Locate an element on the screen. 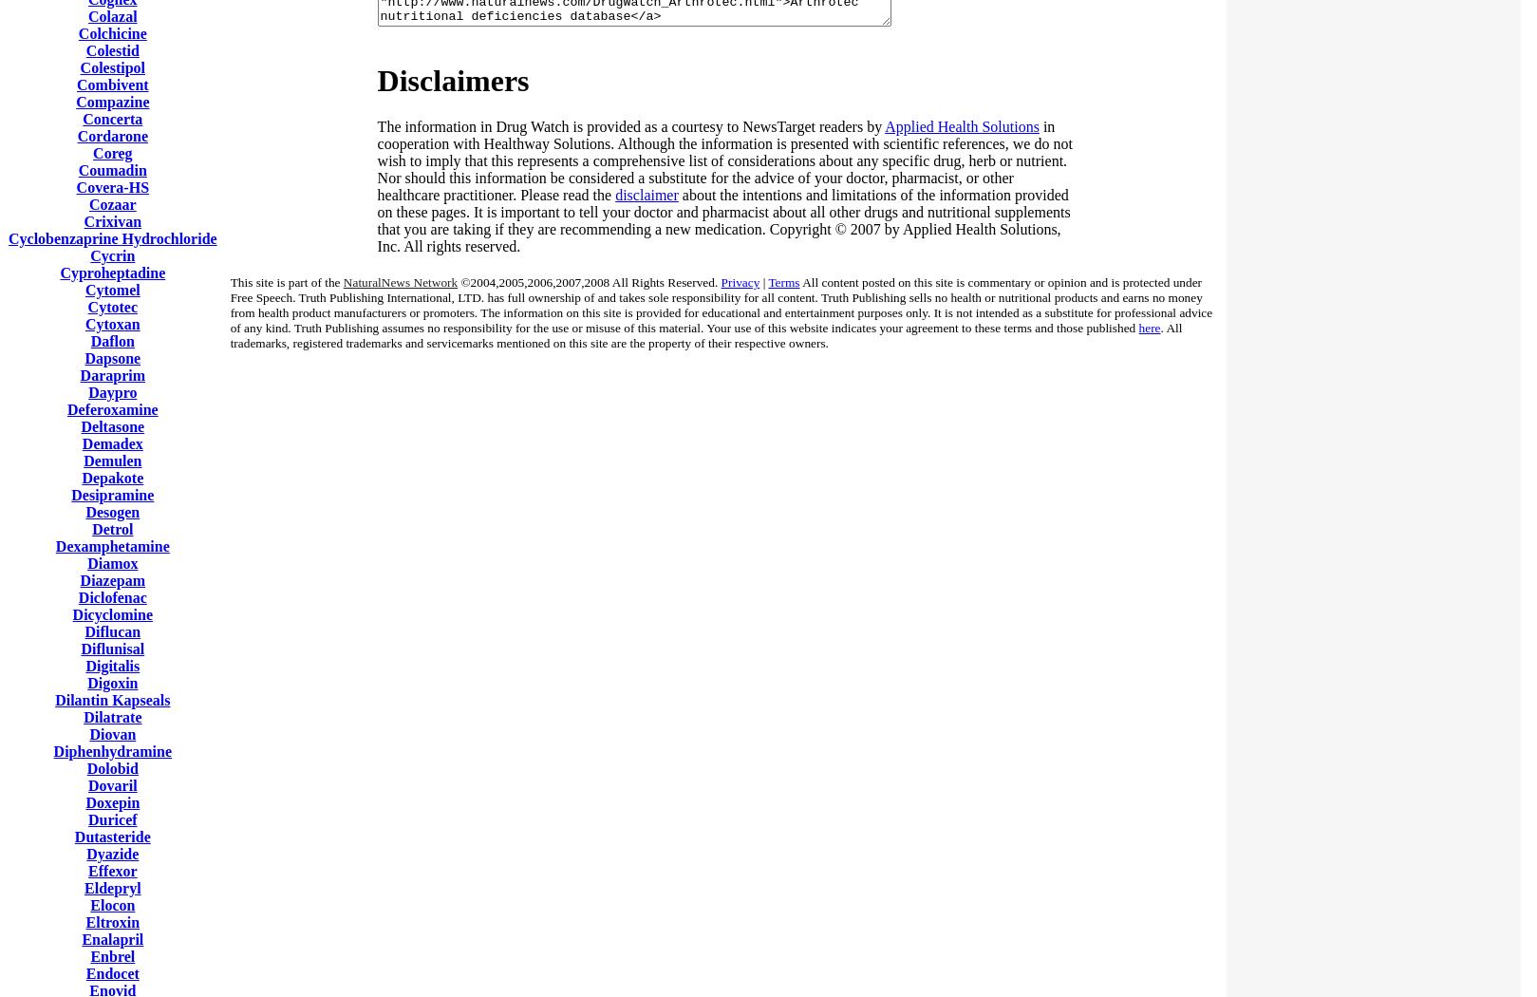  'about the intentions and limitations of the information provided on these pages. It is important to tell your doctor and pharmacist about all other drugs and nutritional supplements that you are taking if they are recommending a new medication. Copyright © 2007 by Applied Health Solutions, Inc. All rights reserved.' is located at coordinates (376, 220).